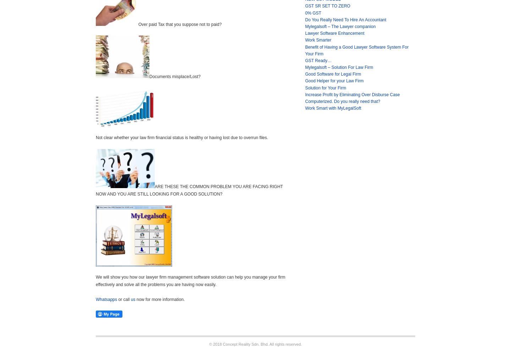 The image size is (511, 351). What do you see at coordinates (345, 19) in the screenshot?
I see `'Do You Really Need To Hire An Accountant'` at bounding box center [345, 19].